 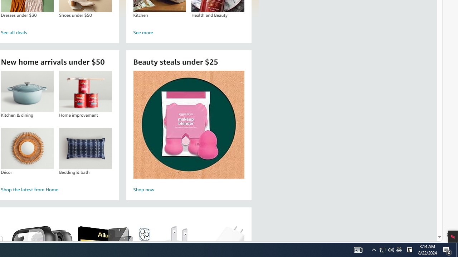 I want to click on 'Kitchen & dining', so click(x=27, y=91).